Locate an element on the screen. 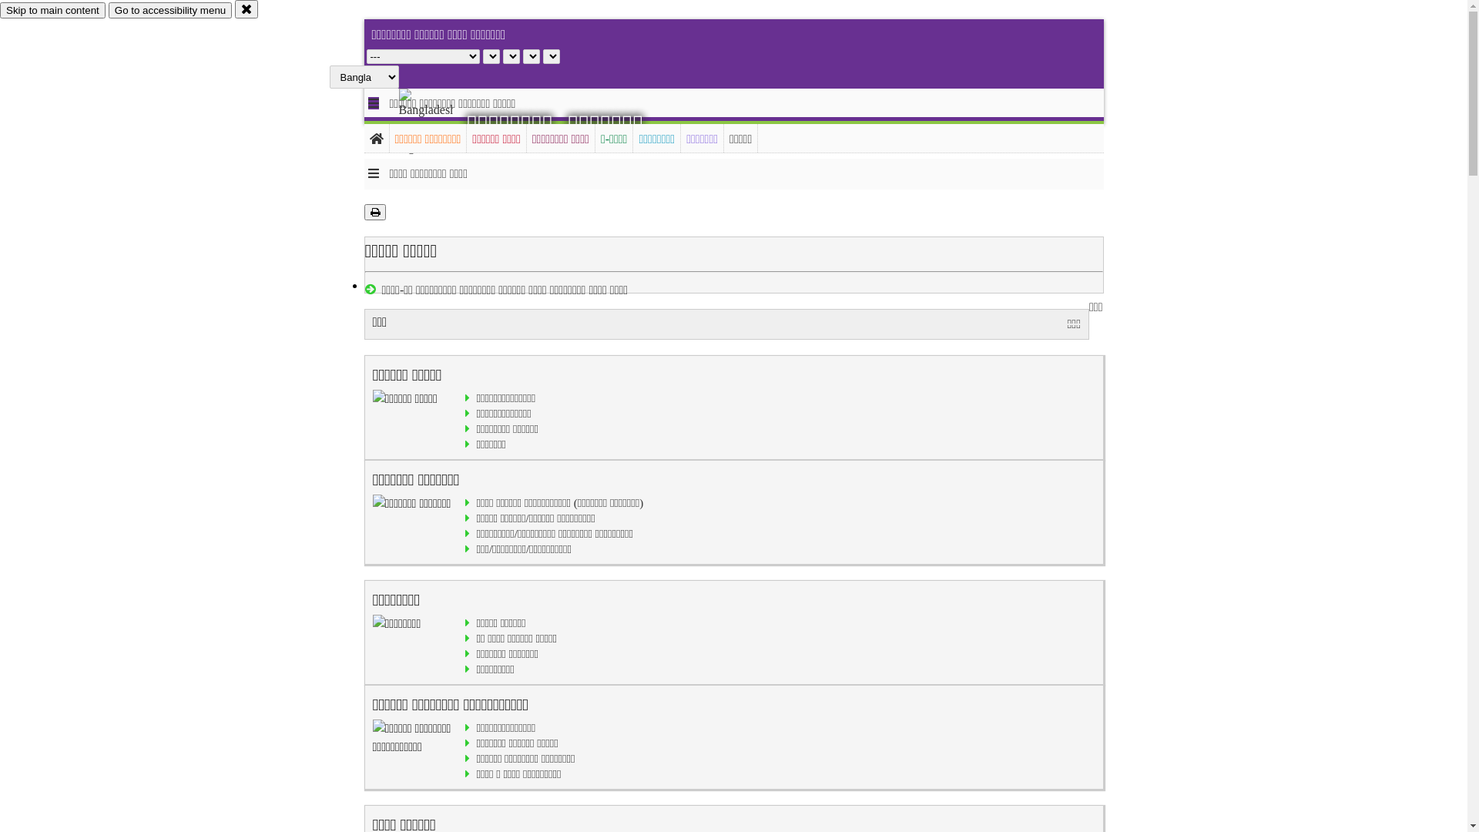  'Go to accessibility menu' is located at coordinates (169, 10).